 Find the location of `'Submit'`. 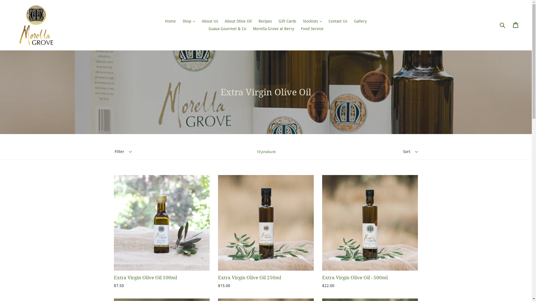

'Submit' is located at coordinates (502, 25).